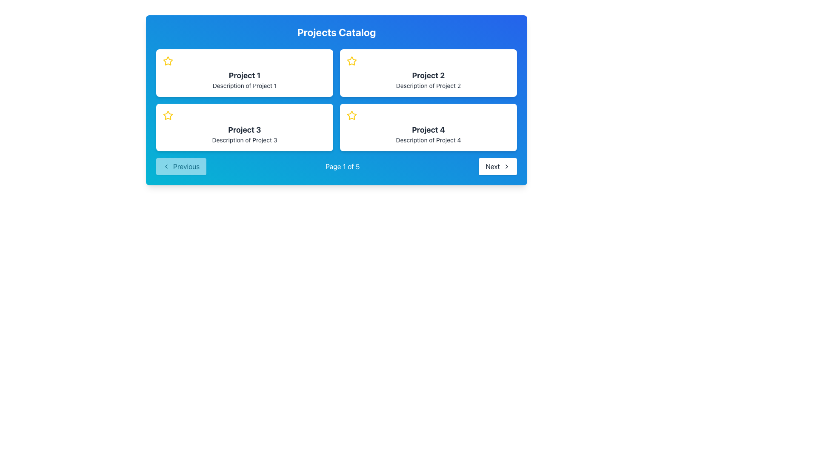  I want to click on the prominent text label 'Project 2', which is styled in bold and larger font, located within the right-top card under the 'Projects Catalog' heading, so click(428, 75).